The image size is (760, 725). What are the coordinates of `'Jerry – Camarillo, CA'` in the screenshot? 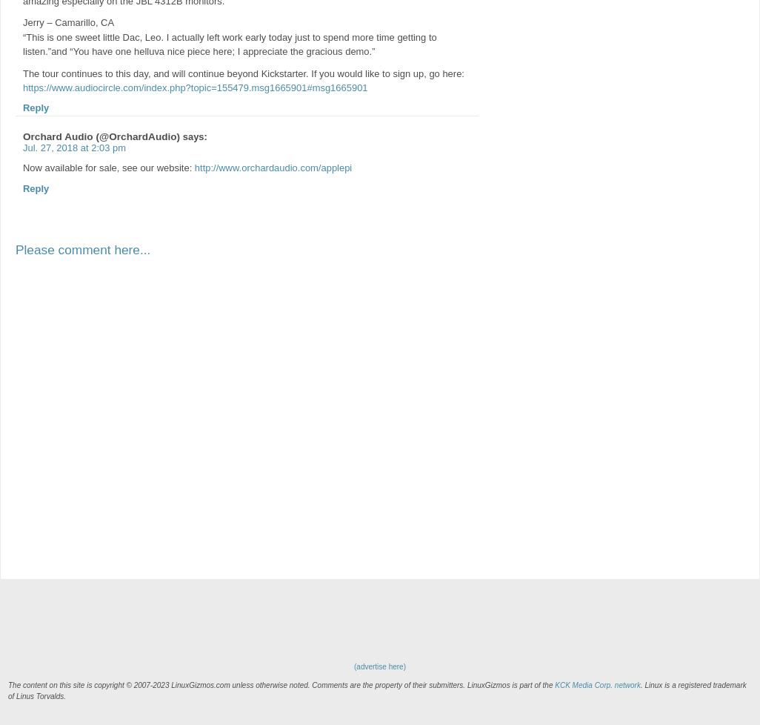 It's located at (22, 22).